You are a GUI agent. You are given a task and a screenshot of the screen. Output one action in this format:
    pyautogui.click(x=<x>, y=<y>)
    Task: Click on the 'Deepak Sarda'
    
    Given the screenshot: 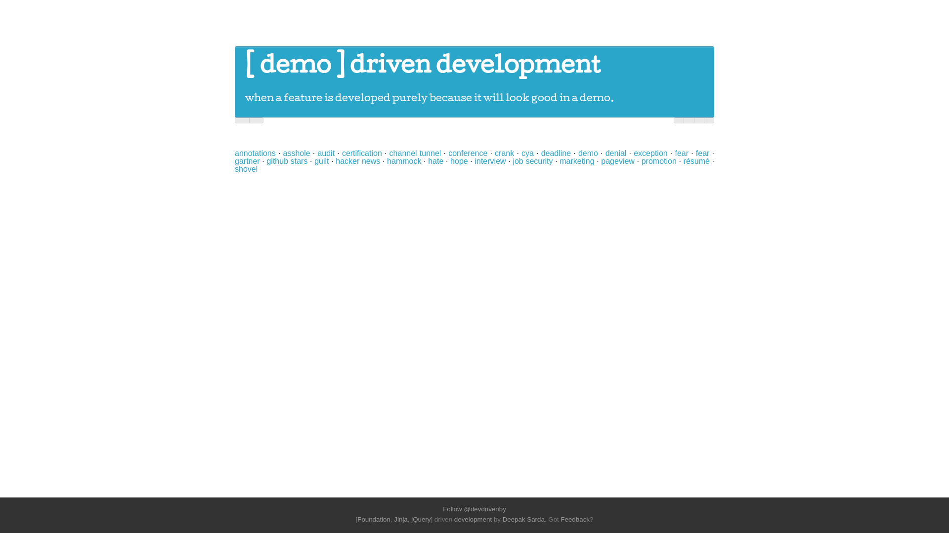 What is the action you would take?
    pyautogui.click(x=523, y=519)
    